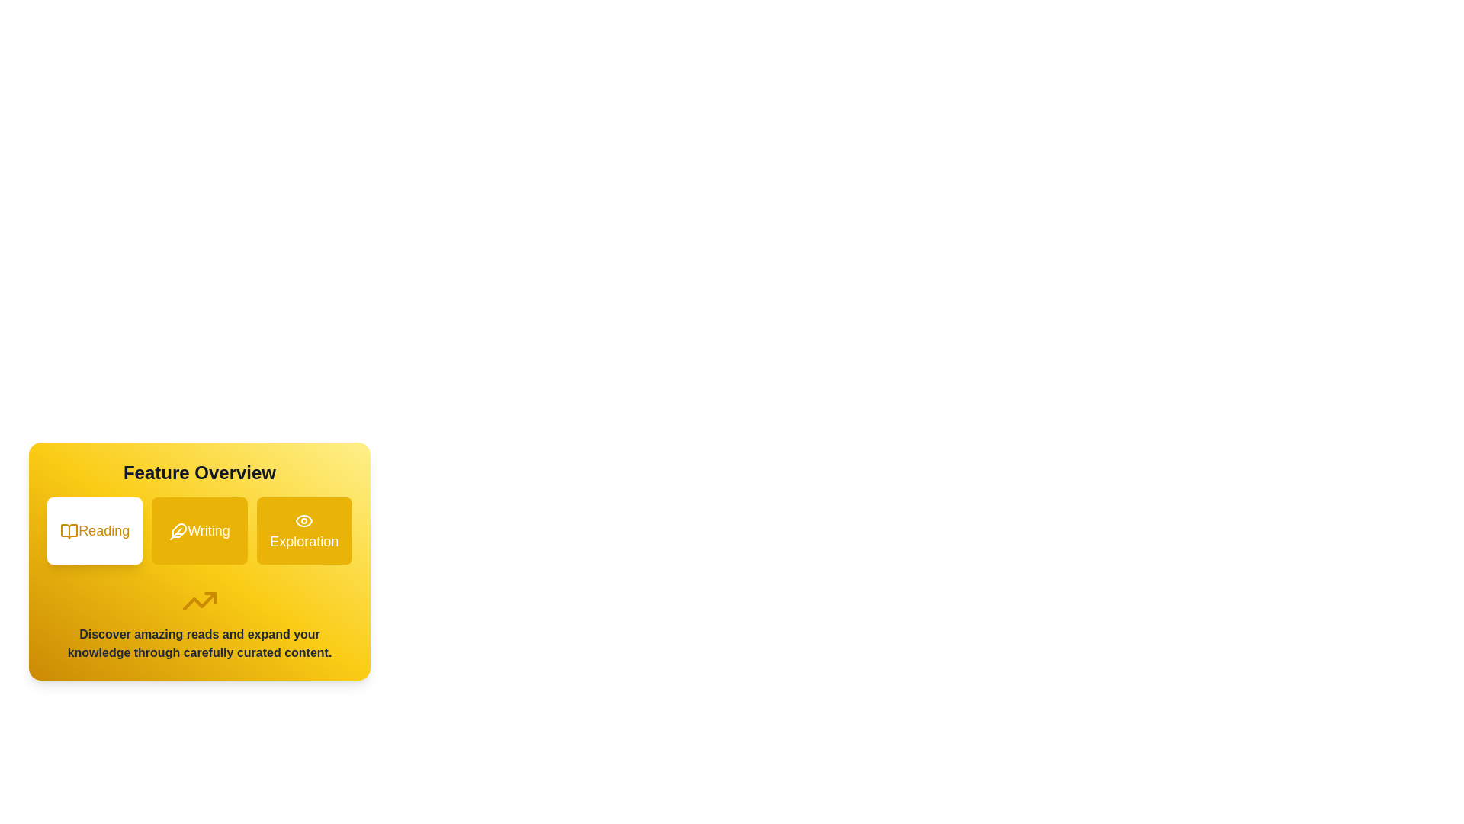 The height and width of the screenshot is (824, 1464). I want to click on the rectangular button with rounded corners, white background, yellow open book icon, and 'Reading' label, so click(94, 529).